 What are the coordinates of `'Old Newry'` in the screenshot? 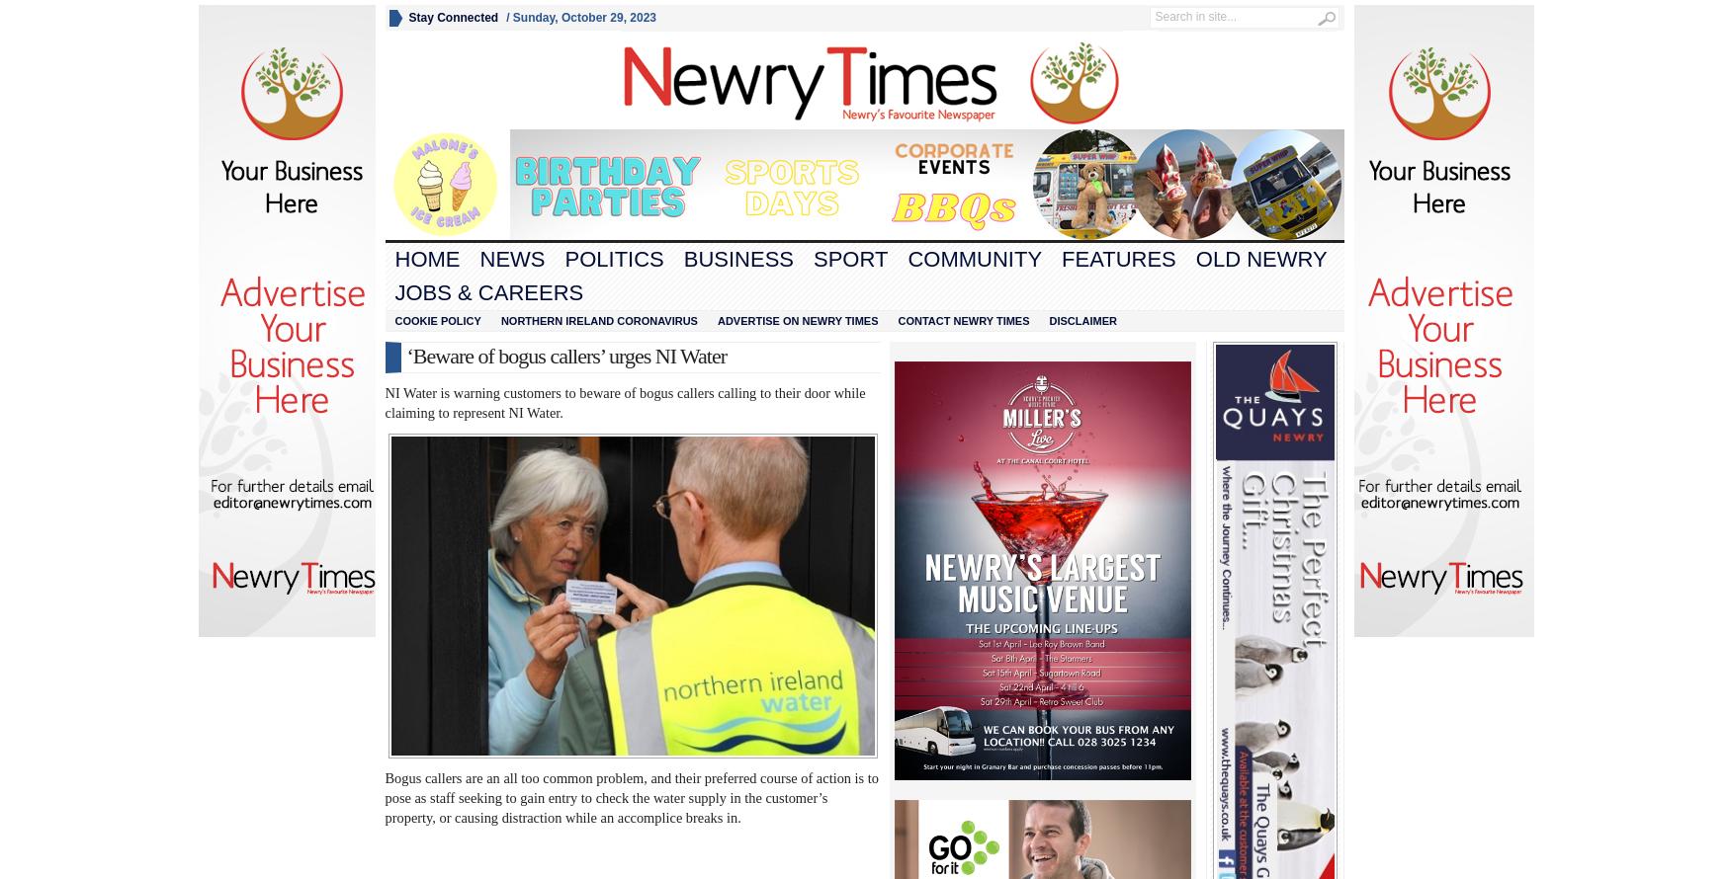 It's located at (1259, 258).